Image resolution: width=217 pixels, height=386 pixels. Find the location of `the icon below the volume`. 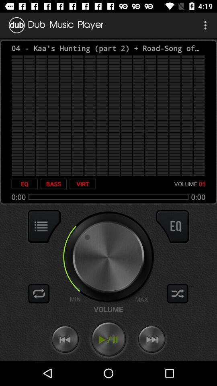

the icon below the volume is located at coordinates (108, 339).